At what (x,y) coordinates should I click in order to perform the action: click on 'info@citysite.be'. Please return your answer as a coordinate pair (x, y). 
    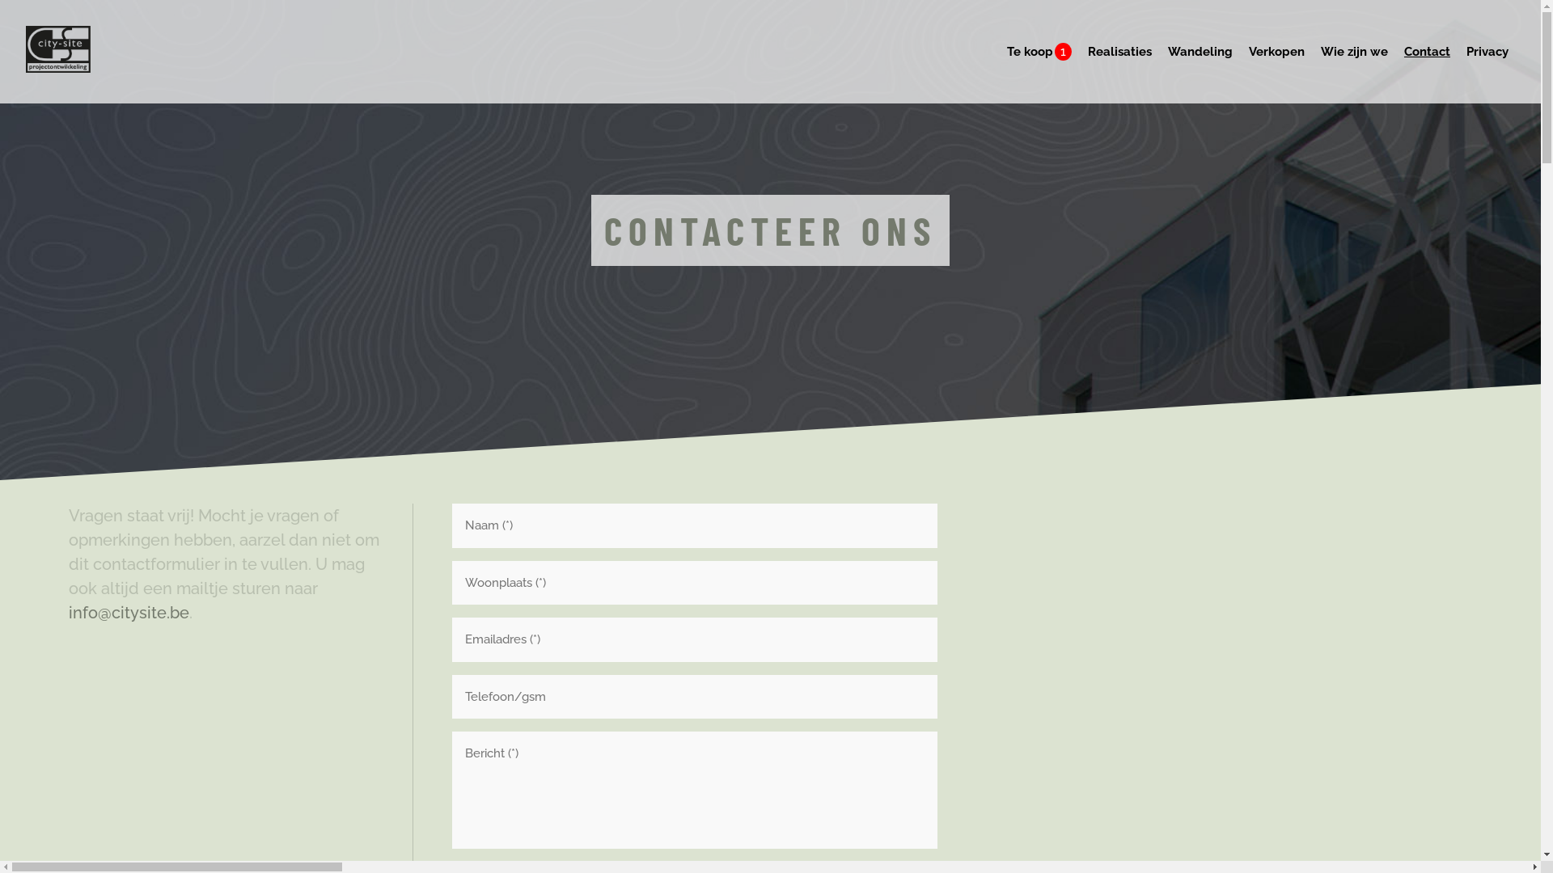
    Looking at the image, I should click on (127, 613).